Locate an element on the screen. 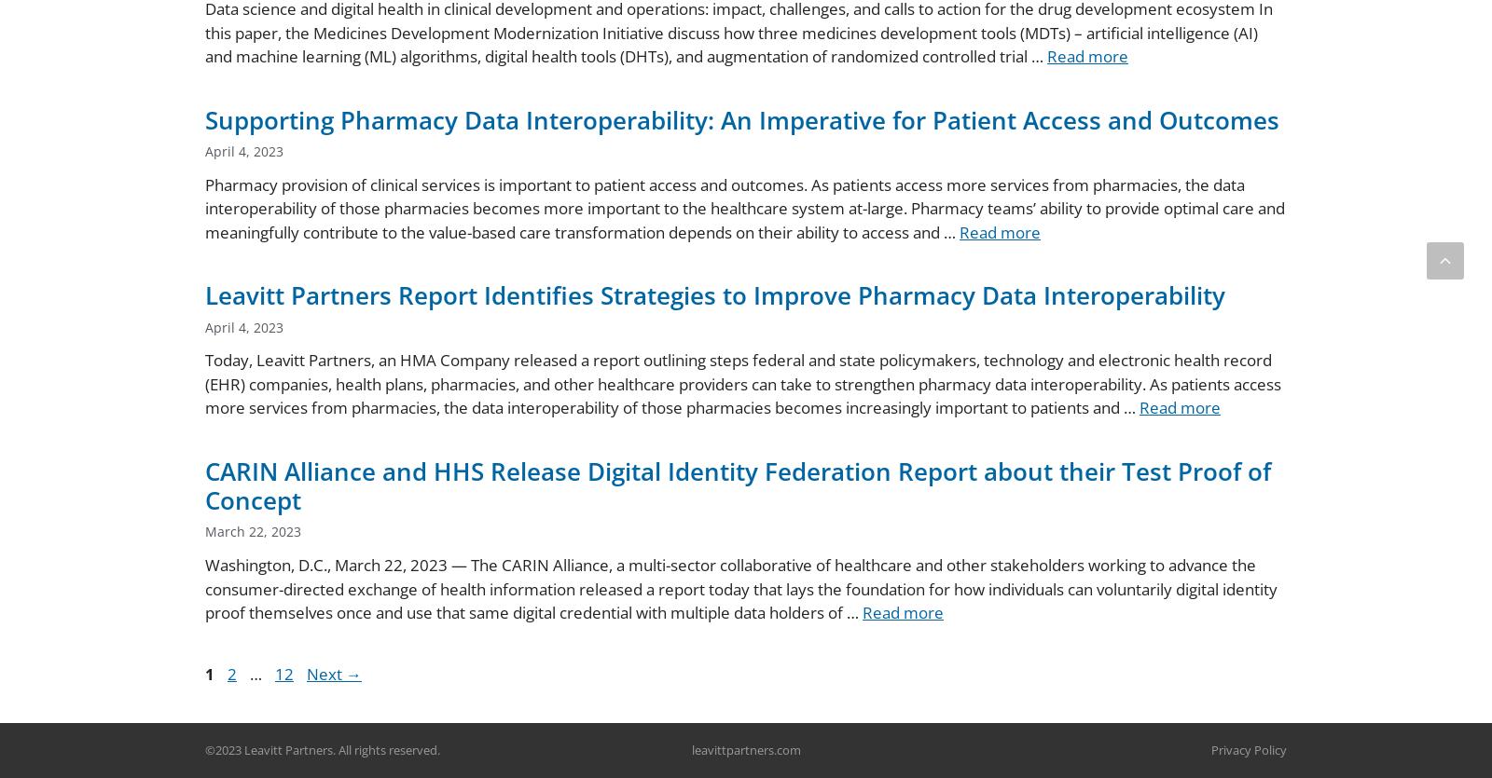 The width and height of the screenshot is (1492, 778). '12' is located at coordinates (283, 673).